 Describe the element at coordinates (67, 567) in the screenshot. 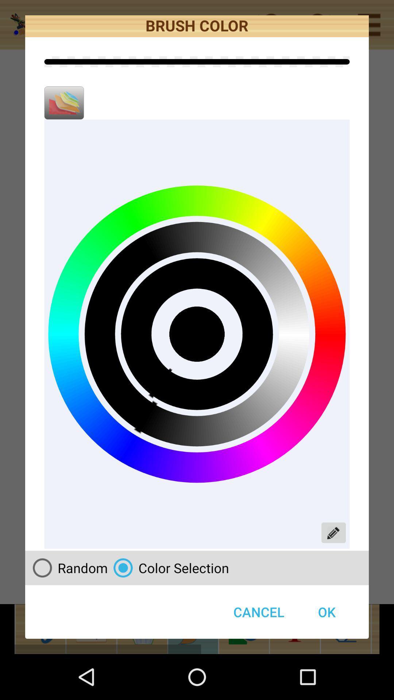

I see `icon next to the color selection item` at that location.